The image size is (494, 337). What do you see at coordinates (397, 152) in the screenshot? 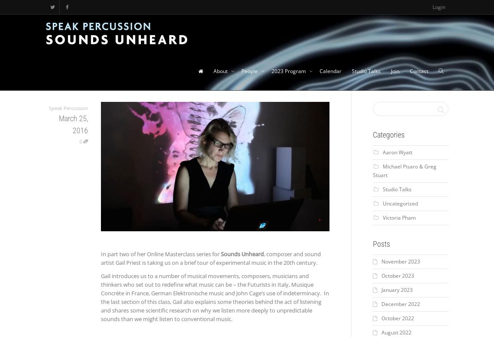
I see `'Aaron Wyatt'` at bounding box center [397, 152].